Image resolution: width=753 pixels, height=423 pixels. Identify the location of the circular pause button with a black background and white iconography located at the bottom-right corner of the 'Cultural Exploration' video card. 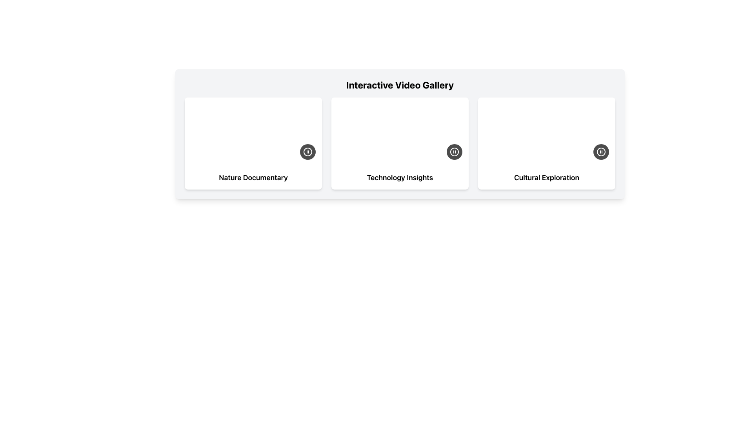
(600, 152).